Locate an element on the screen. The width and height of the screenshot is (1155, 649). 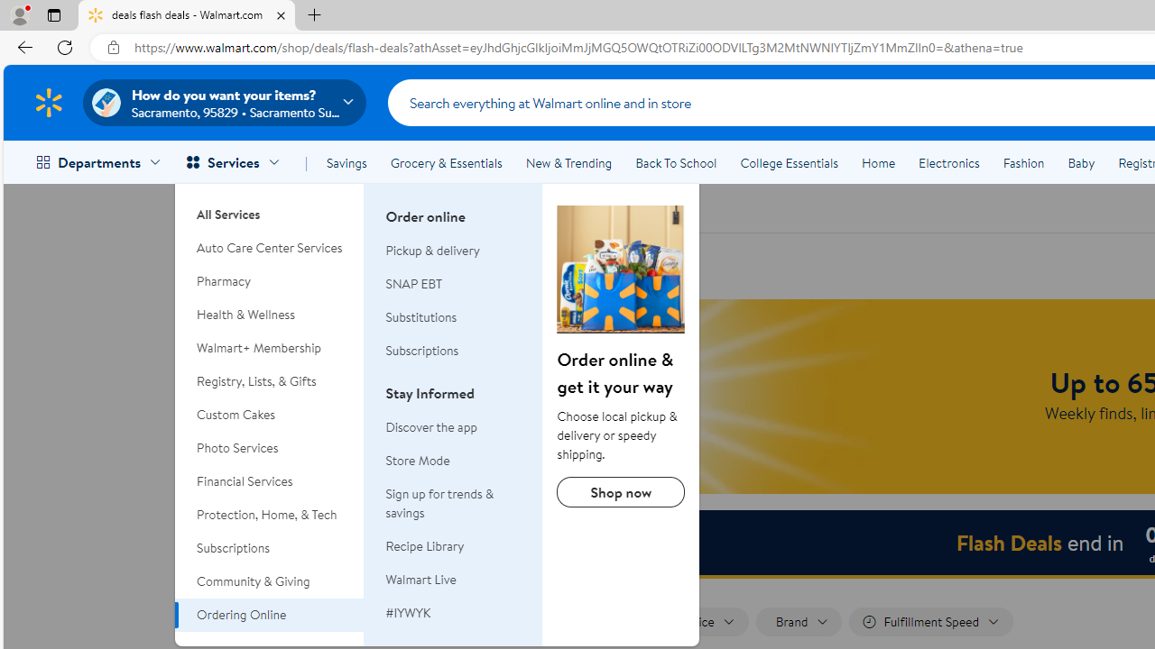
'Subscriptions' is located at coordinates (454, 351).